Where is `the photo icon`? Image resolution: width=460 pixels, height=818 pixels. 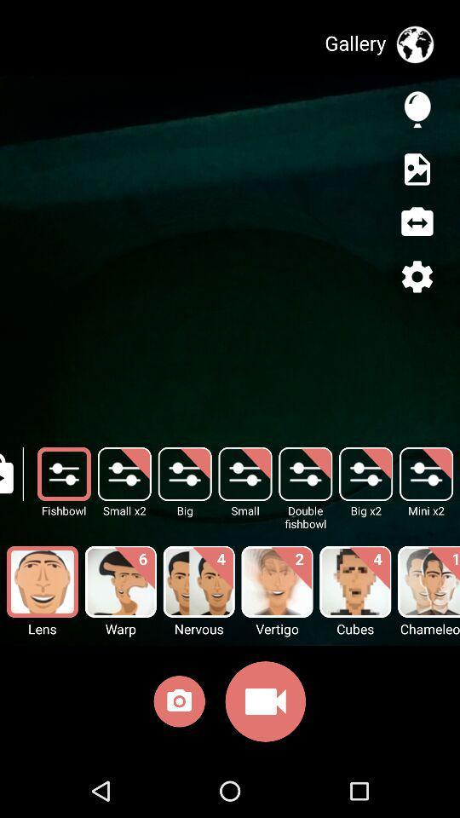 the photo icon is located at coordinates (178, 705).